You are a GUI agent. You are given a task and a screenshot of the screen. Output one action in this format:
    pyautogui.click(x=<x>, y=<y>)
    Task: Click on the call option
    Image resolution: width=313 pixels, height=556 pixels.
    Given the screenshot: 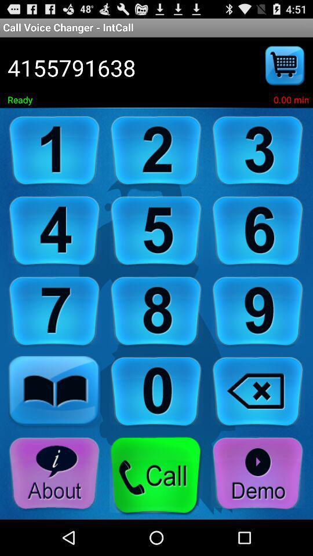 What is the action you would take?
    pyautogui.click(x=156, y=475)
    